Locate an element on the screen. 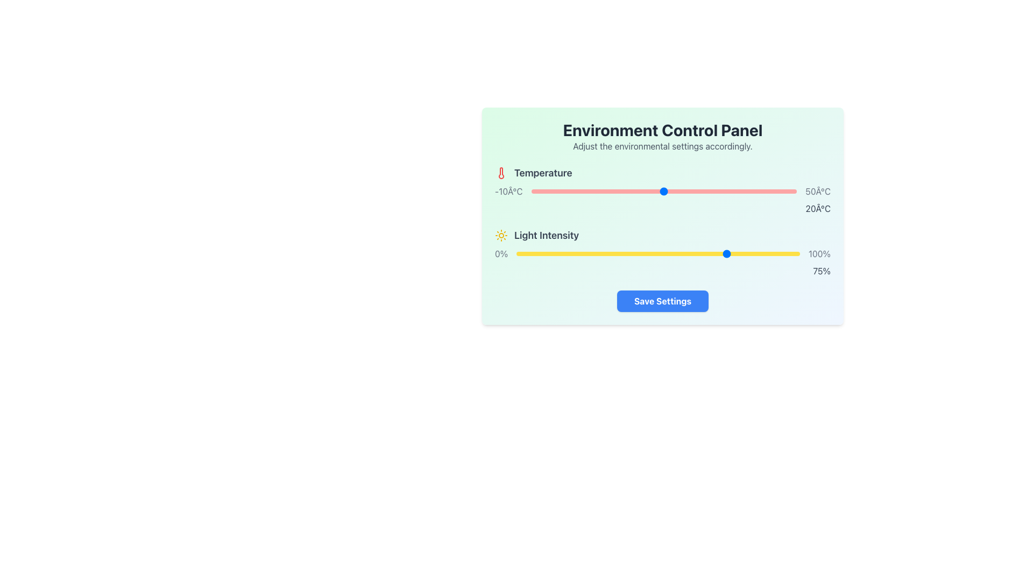  the temperature control slider, which is a horizontal range slider with a label 'Temperature' and current value '20°C' displayed beneath it is located at coordinates (662, 190).